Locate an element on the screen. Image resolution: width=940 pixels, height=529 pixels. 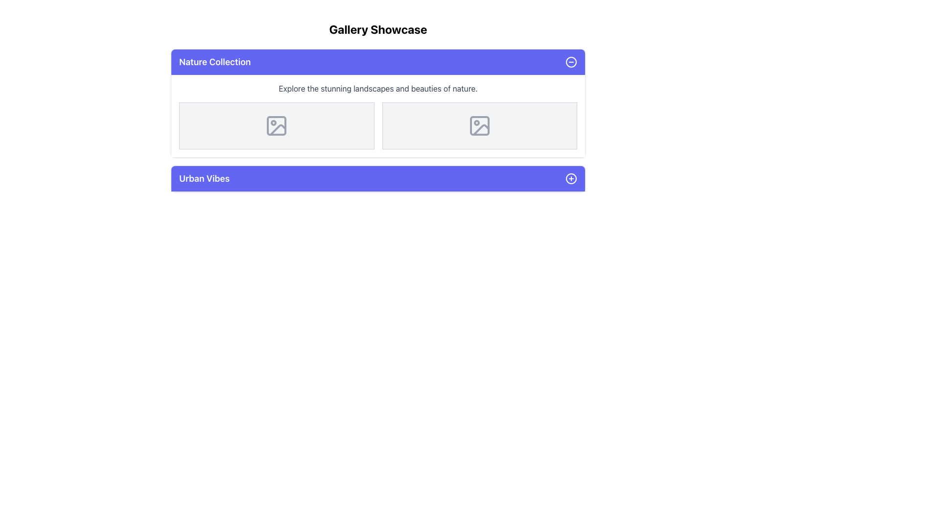
the rounded rectangle shape located within the right icon of the 'Nature Collection' section is located at coordinates (479, 125).